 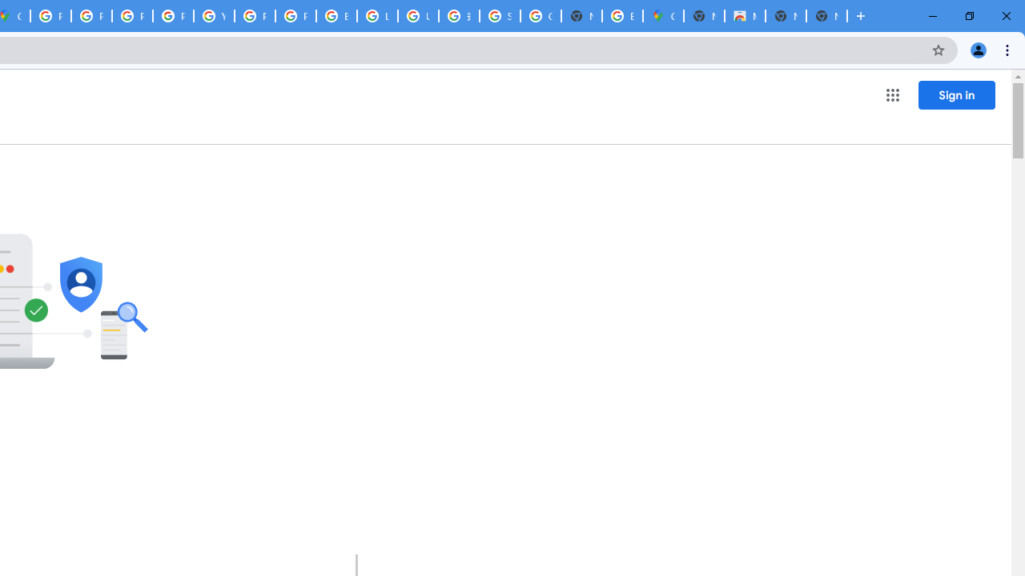 I want to click on 'YouTube', so click(x=213, y=16).